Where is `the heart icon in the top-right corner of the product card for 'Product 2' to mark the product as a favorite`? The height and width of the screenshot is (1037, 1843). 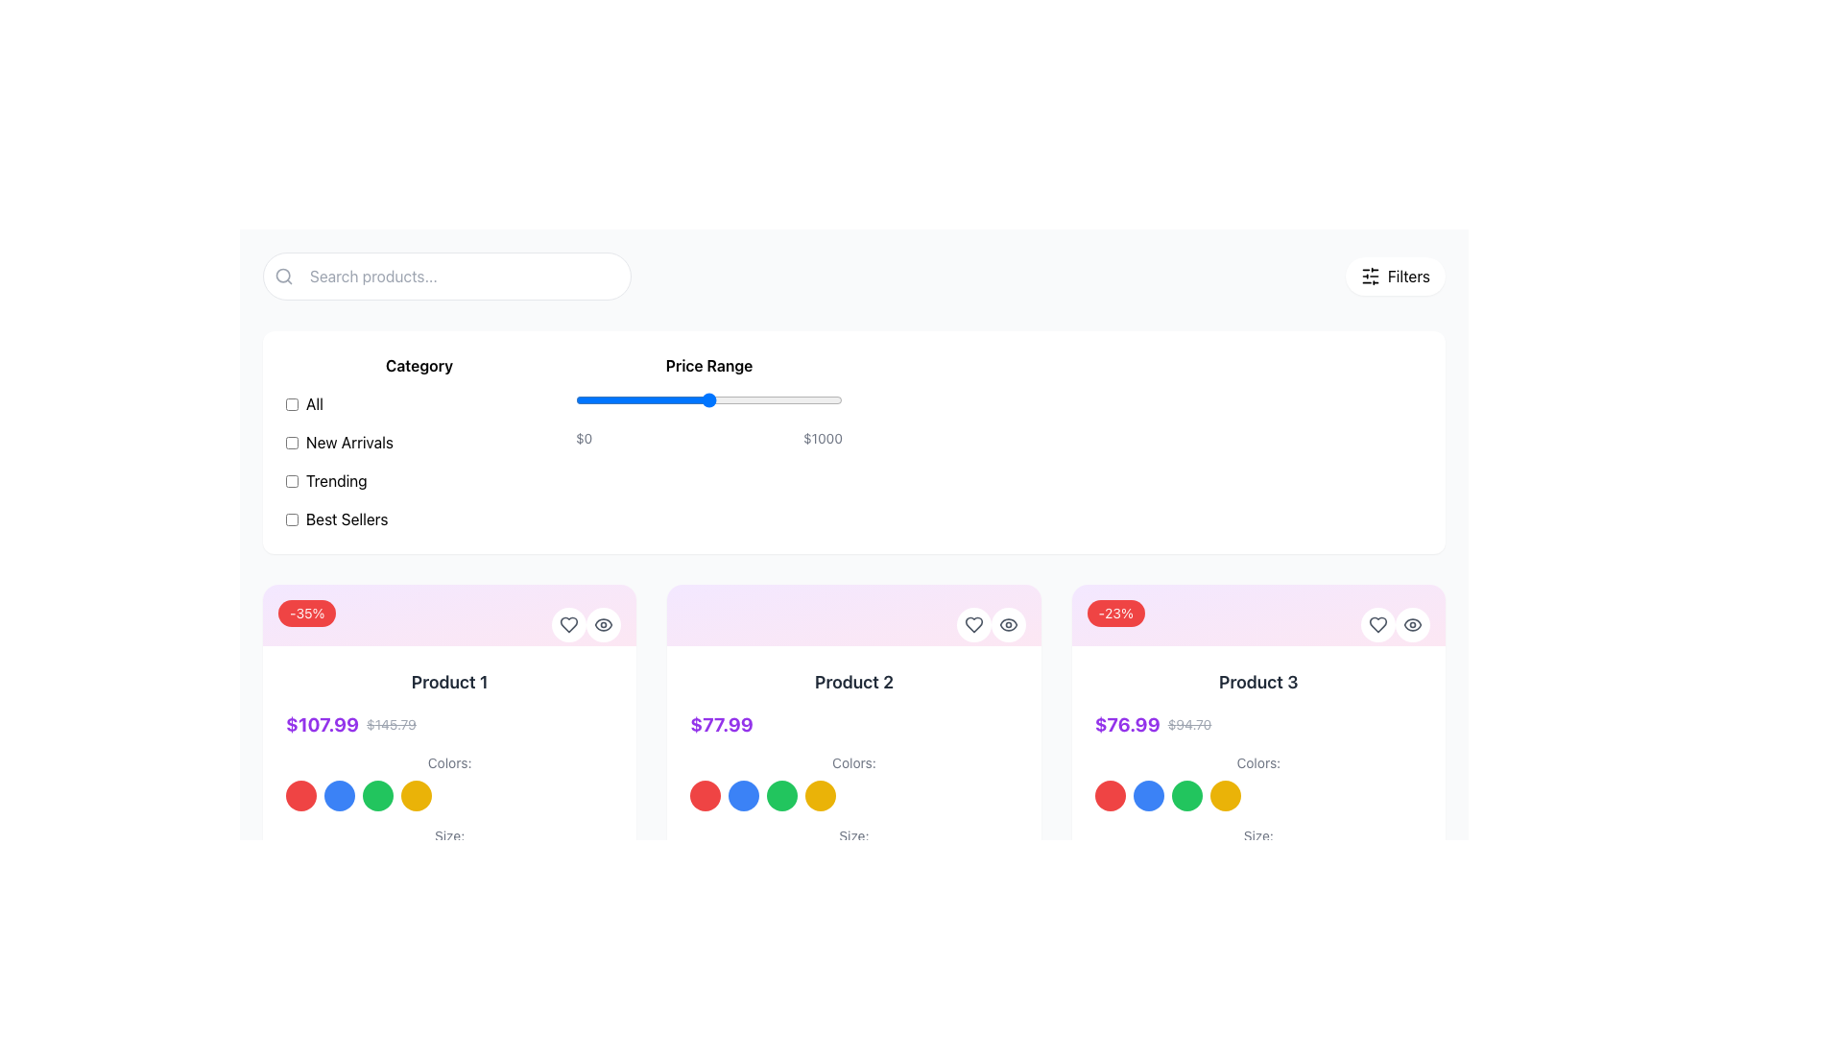 the heart icon in the top-right corner of the product card for 'Product 2' to mark the product as a favorite is located at coordinates (973, 625).